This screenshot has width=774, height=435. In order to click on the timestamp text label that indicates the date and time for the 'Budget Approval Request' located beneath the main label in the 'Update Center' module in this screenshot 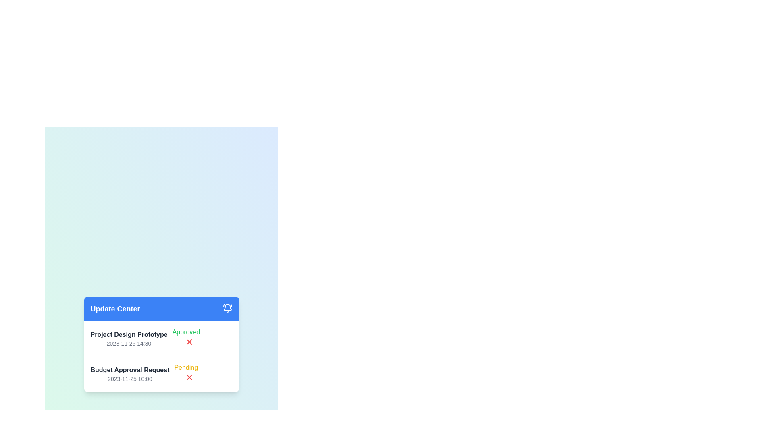, I will do `click(130, 379)`.